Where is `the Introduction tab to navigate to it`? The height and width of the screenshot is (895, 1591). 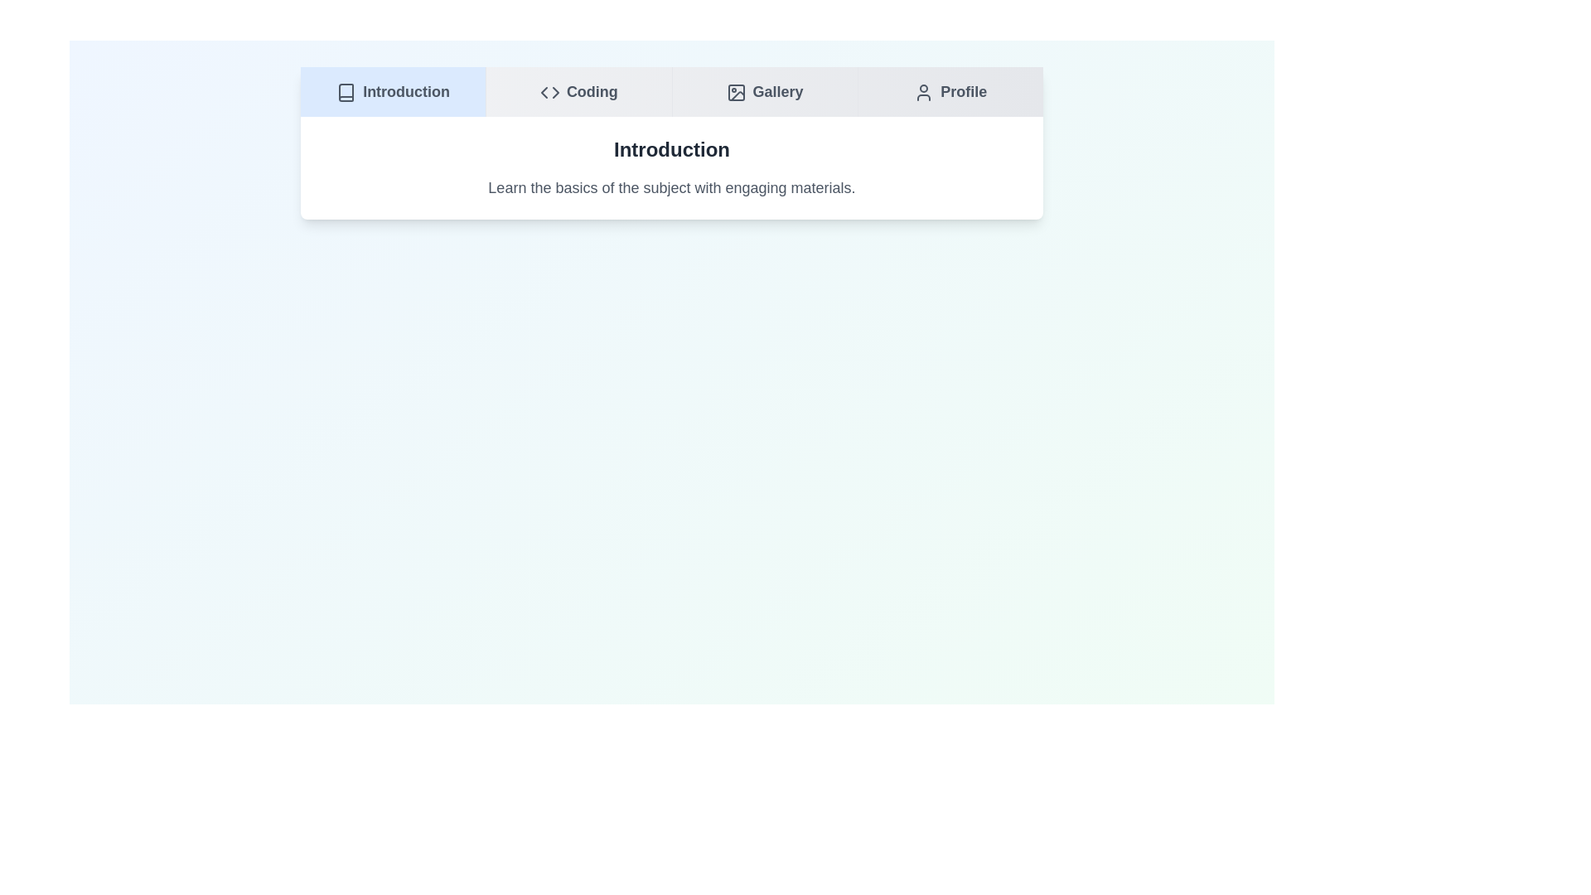 the Introduction tab to navigate to it is located at coordinates (392, 92).